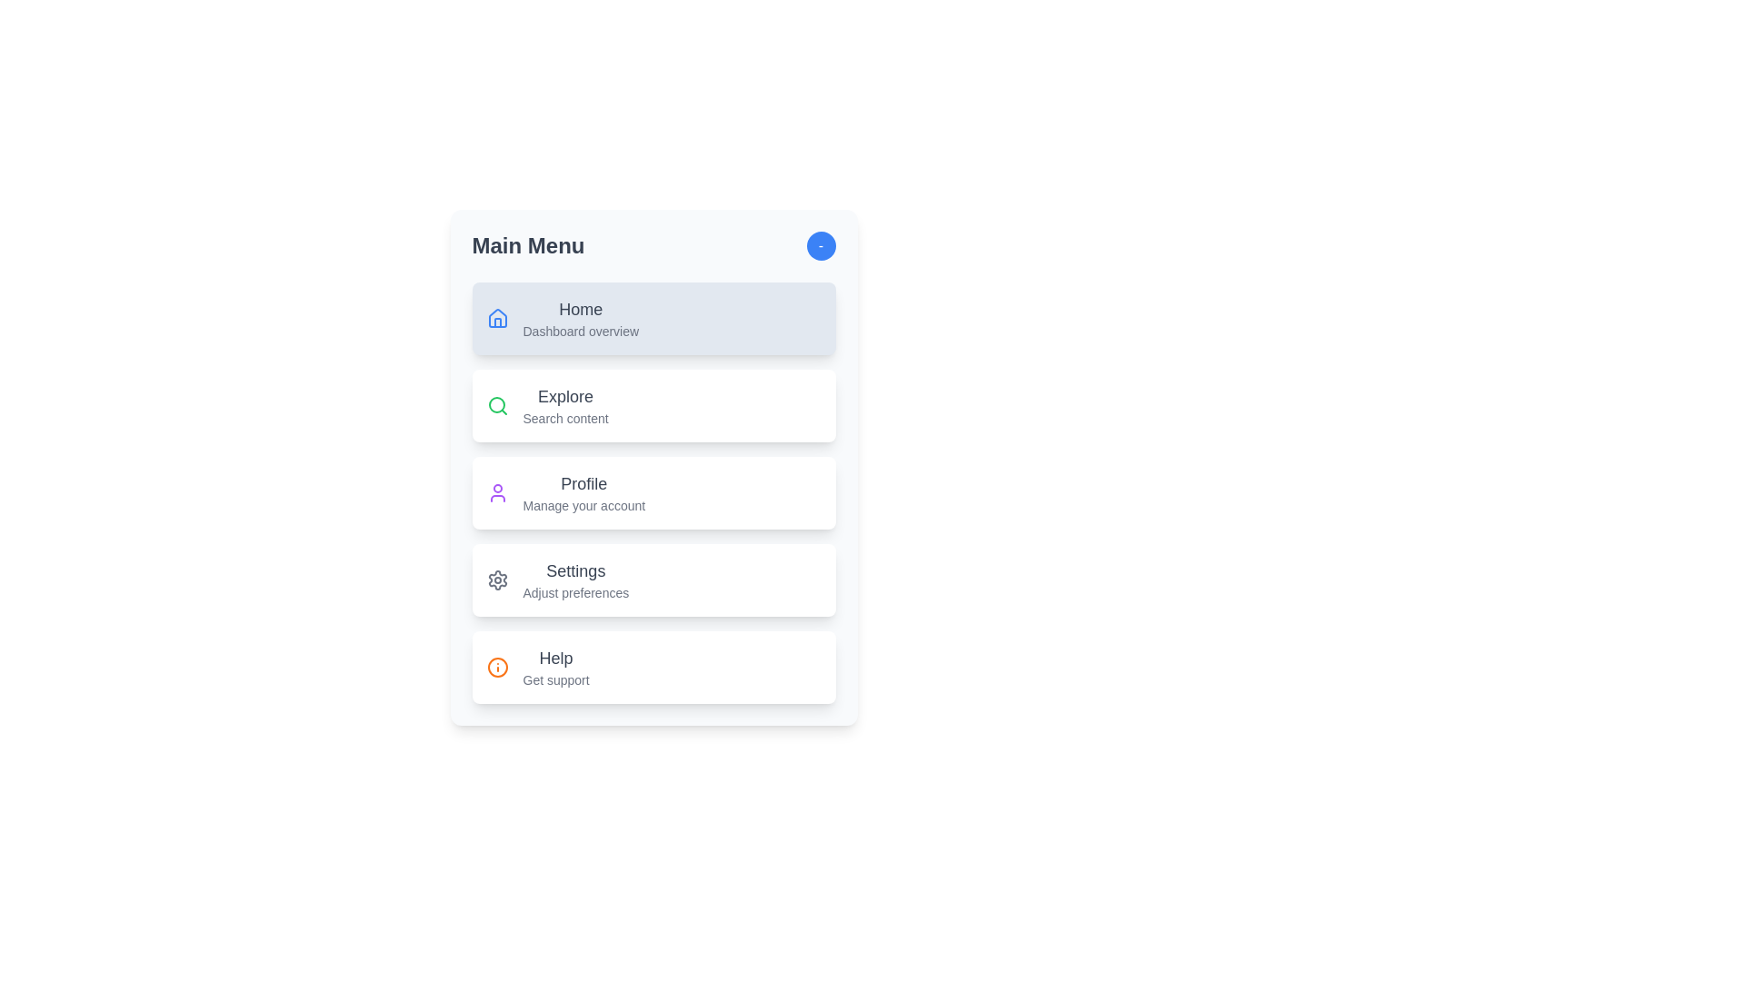  What do you see at coordinates (653, 405) in the screenshot?
I see `the menu item labeled 'Explore' to observe visual feedback` at bounding box center [653, 405].